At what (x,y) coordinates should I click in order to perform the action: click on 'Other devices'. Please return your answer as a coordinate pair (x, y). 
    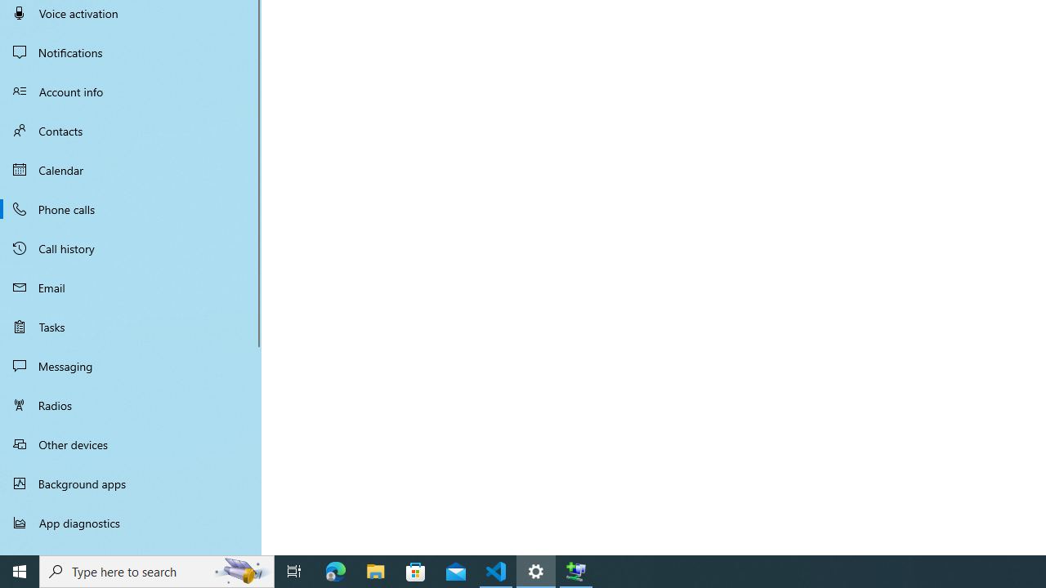
    Looking at the image, I should click on (131, 443).